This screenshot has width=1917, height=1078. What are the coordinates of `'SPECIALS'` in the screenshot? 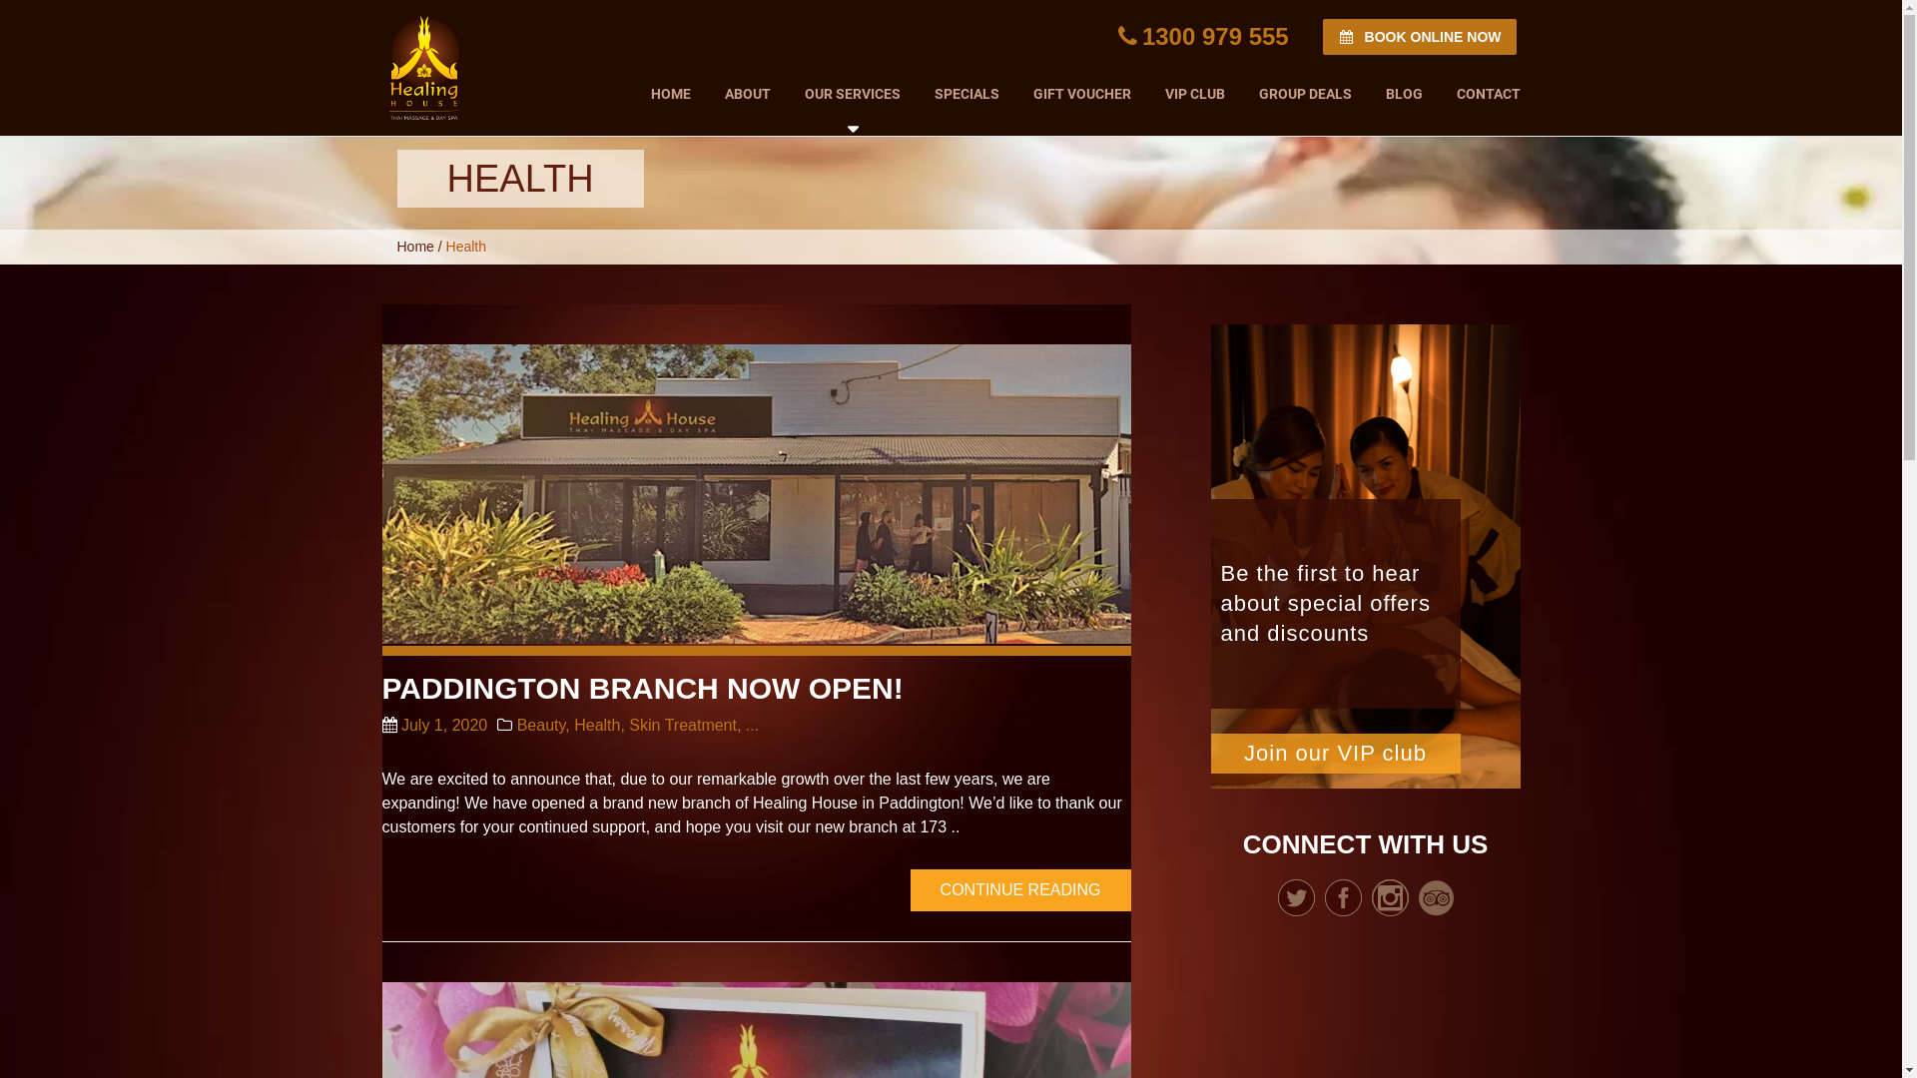 It's located at (965, 88).